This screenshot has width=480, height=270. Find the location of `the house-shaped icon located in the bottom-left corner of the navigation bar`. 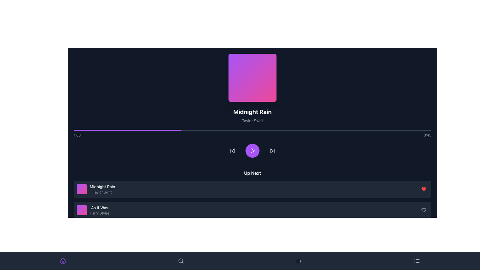

the house-shaped icon located in the bottom-left corner of the navigation bar is located at coordinates (63, 262).